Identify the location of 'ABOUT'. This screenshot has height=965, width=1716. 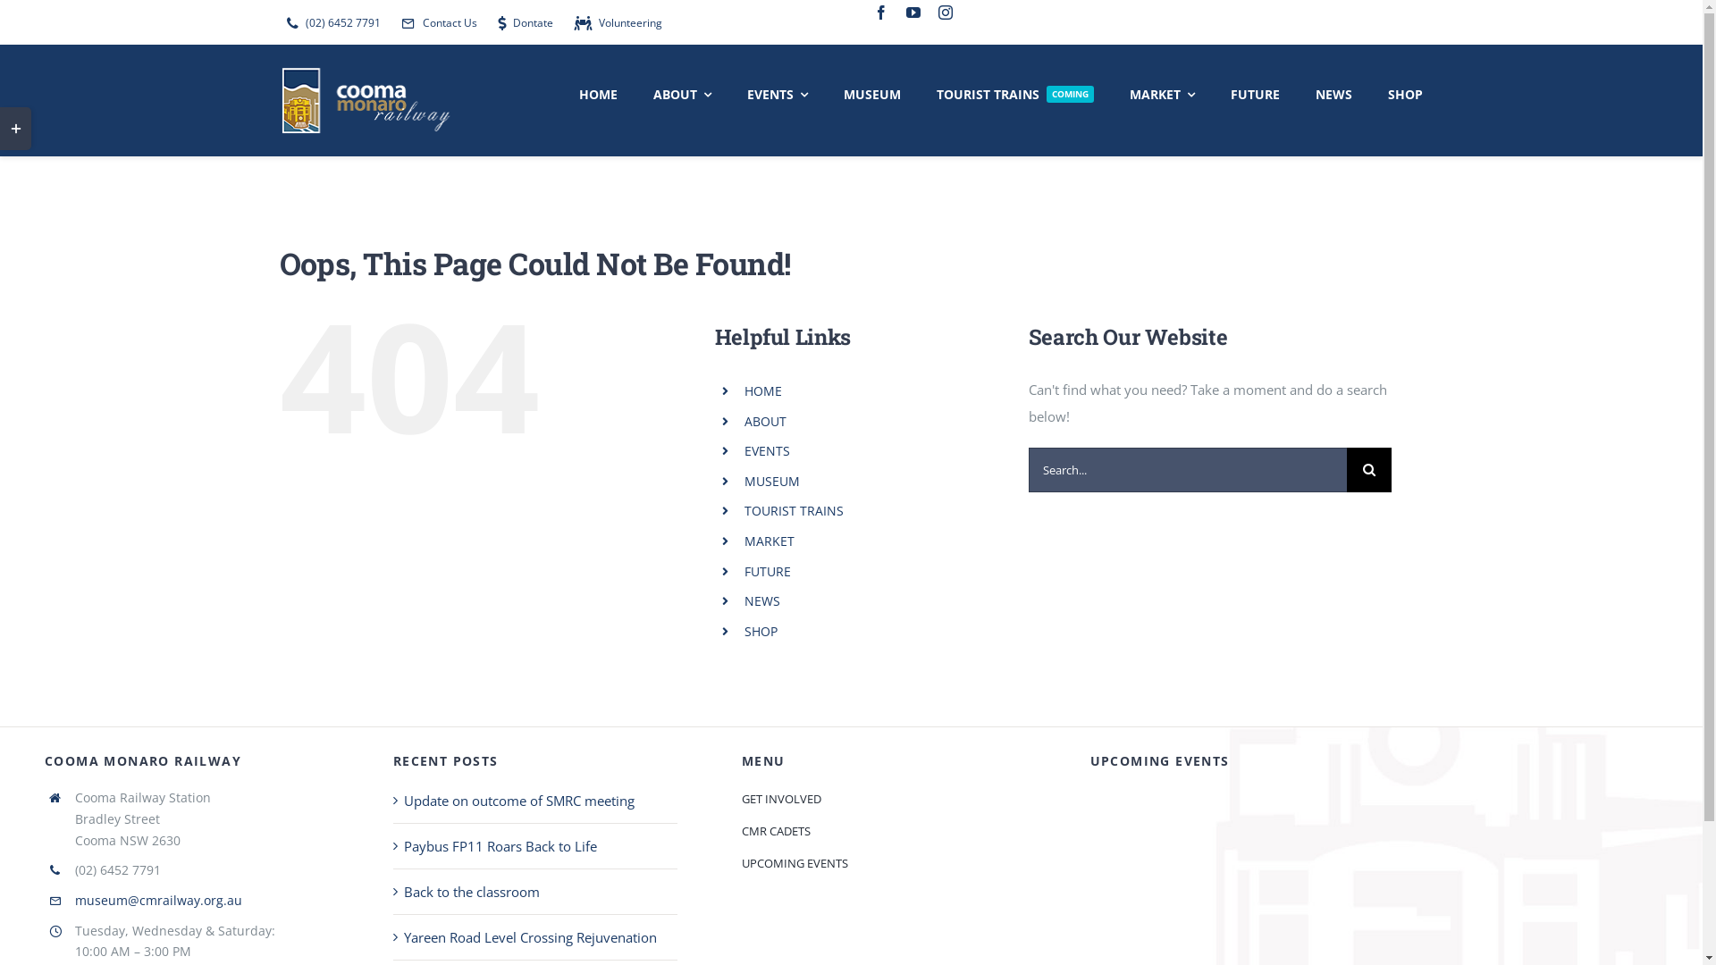
(765, 421).